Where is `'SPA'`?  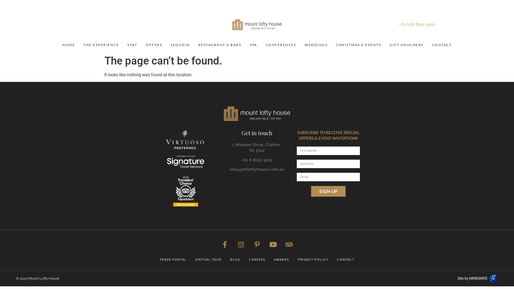 'SPA' is located at coordinates (253, 44).